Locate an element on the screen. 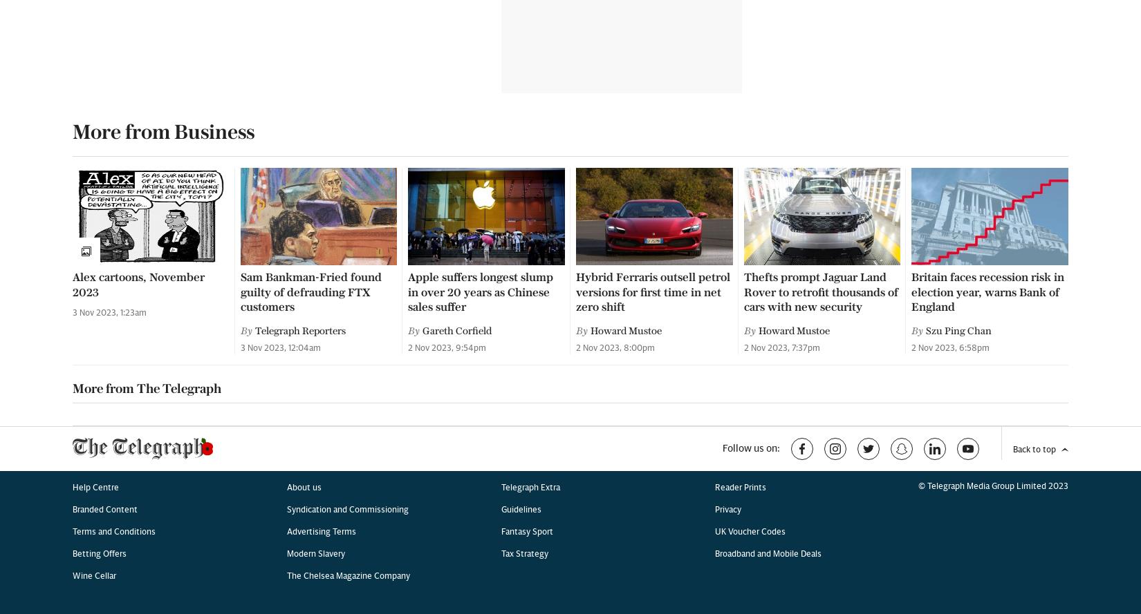 This screenshot has width=1141, height=614. 'Syndication and Commissioning' is located at coordinates (346, 82).